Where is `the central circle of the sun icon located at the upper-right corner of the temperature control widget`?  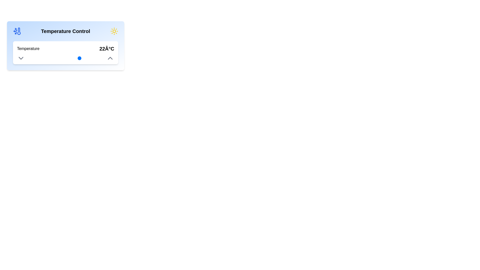
the central circle of the sun icon located at the upper-right corner of the temperature control widget is located at coordinates (114, 31).